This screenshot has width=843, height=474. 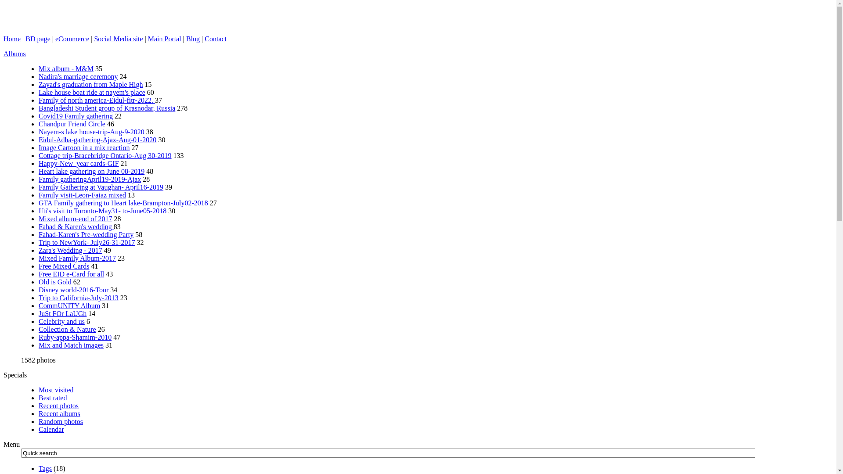 I want to click on 'Free EID e-Card for all', so click(x=38, y=273).